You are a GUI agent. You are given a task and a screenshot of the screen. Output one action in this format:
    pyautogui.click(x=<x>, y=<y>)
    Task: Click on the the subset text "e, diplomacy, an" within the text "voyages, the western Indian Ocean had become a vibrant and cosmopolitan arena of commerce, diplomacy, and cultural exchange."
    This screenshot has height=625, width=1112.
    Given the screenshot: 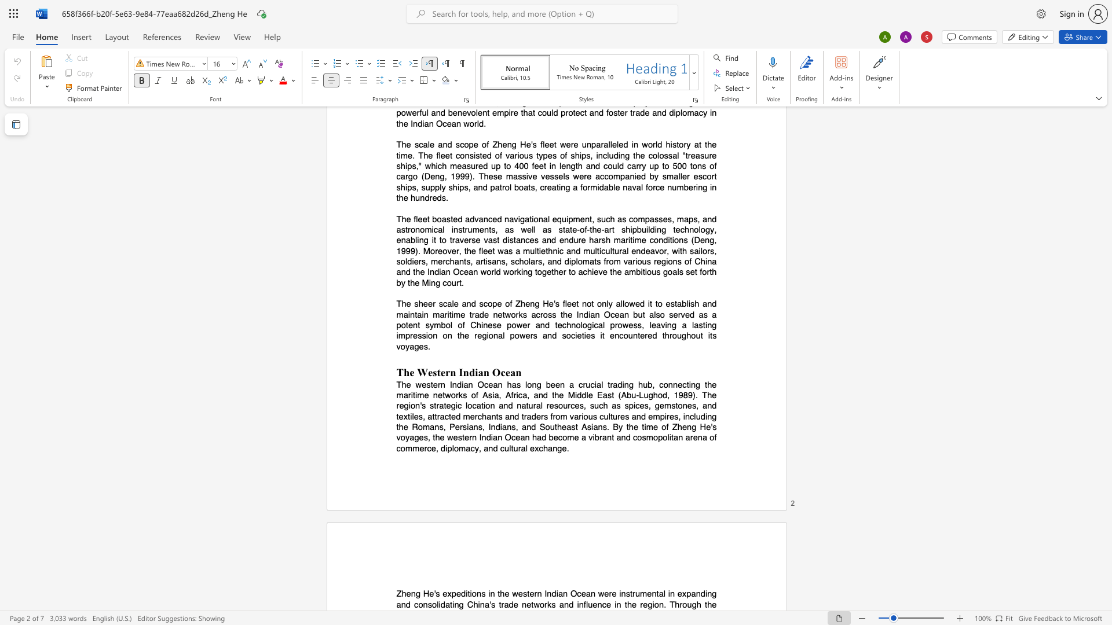 What is the action you would take?
    pyautogui.click(x=430, y=447)
    